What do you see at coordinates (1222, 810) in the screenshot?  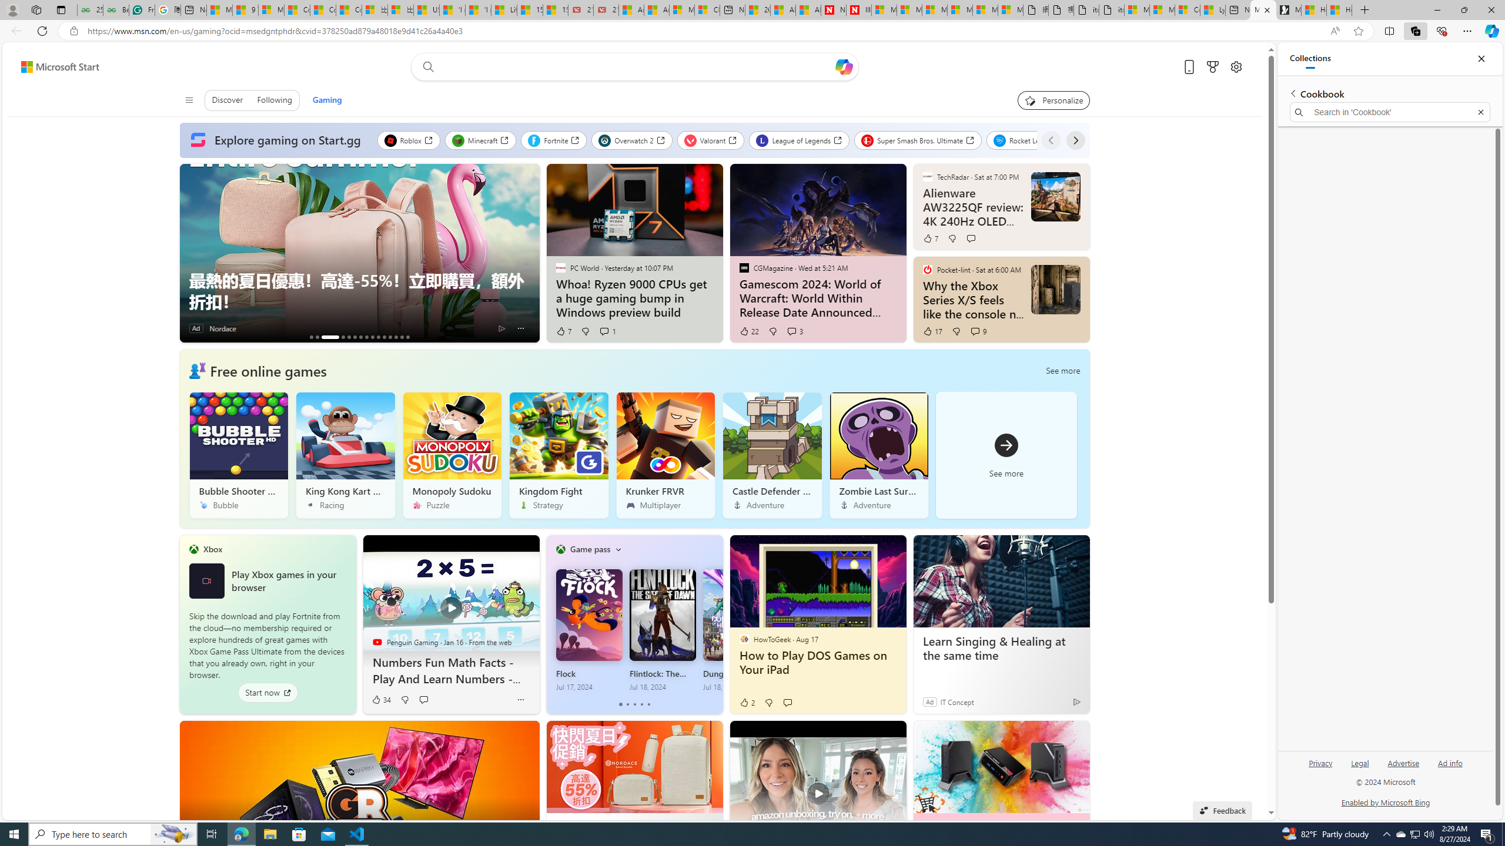 I see `'Feedback'` at bounding box center [1222, 810].